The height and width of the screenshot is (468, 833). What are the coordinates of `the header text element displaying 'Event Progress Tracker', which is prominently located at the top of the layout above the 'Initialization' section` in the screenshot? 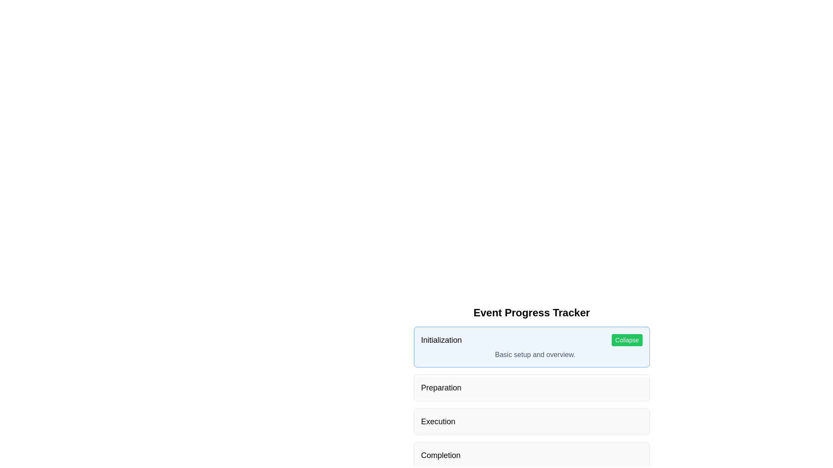 It's located at (531, 312).